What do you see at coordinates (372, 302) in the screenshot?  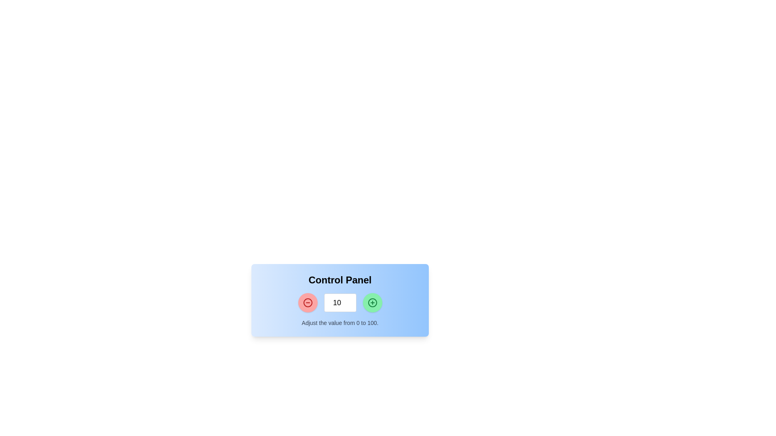 I see `the green circular button with a plus icon located on the far right of the horizontal layout to interact with it via keyboard` at bounding box center [372, 302].